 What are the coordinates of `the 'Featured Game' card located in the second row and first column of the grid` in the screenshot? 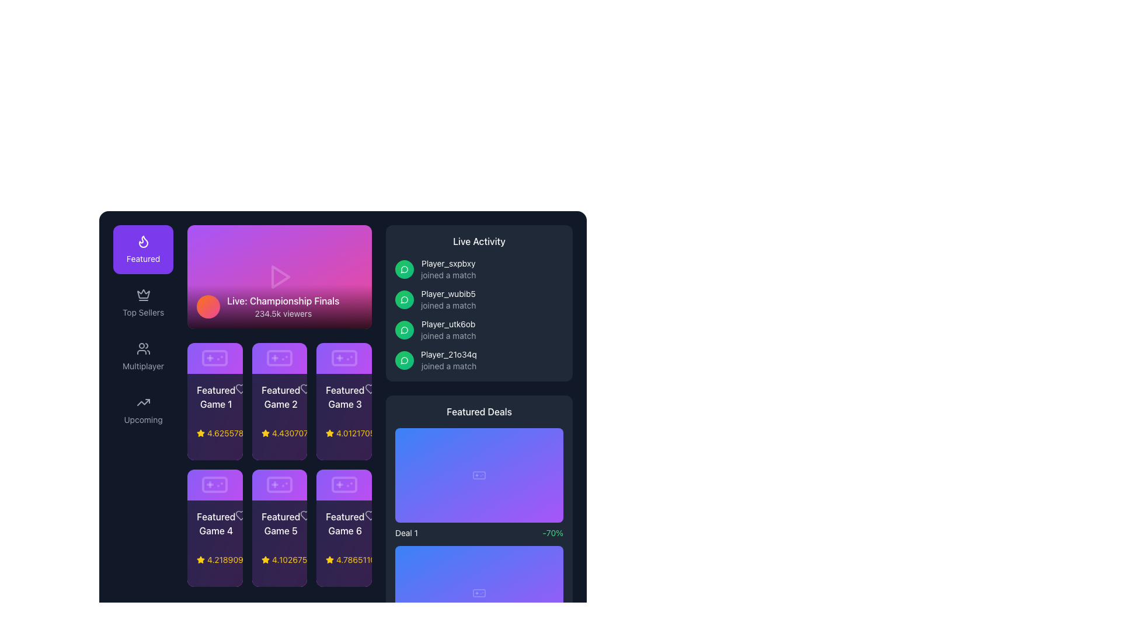 It's located at (215, 528).